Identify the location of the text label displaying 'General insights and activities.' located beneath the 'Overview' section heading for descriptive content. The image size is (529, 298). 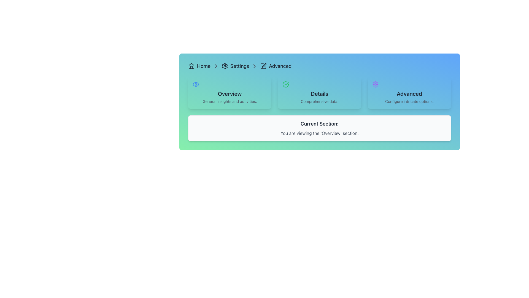
(230, 101).